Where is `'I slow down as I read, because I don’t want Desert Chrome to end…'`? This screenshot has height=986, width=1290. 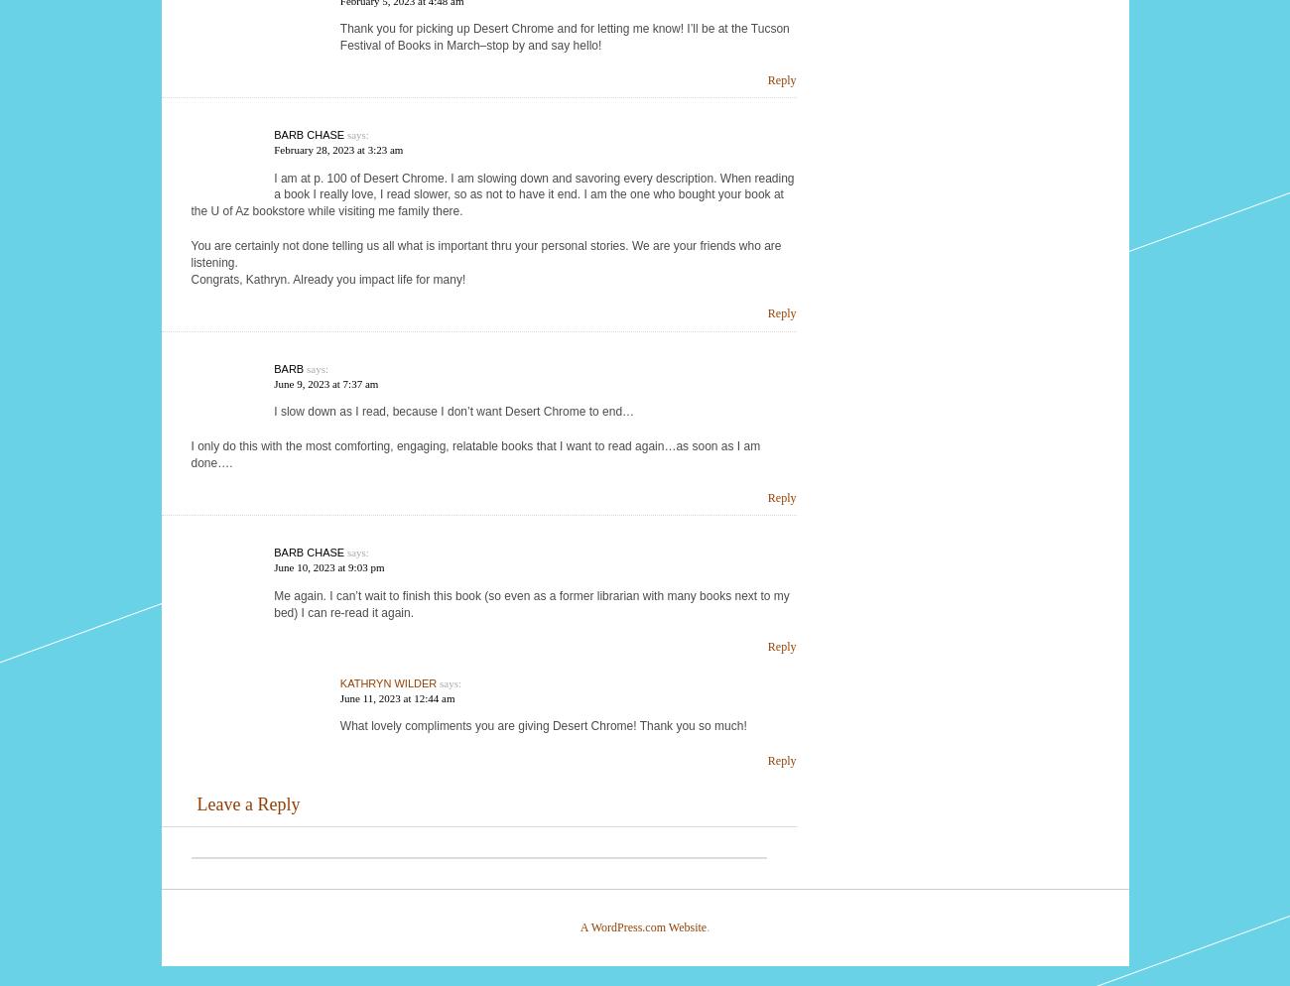 'I slow down as I read, because I don’t want Desert Chrome to end…' is located at coordinates (452, 410).